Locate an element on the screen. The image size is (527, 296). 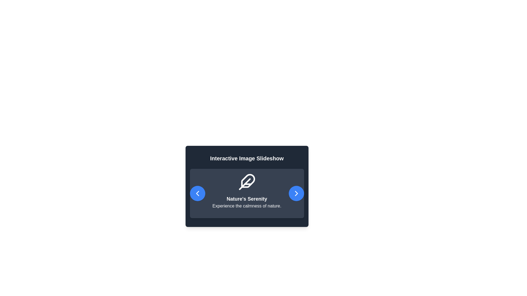
the leftmost navigation button in the slideshow is located at coordinates (197, 193).